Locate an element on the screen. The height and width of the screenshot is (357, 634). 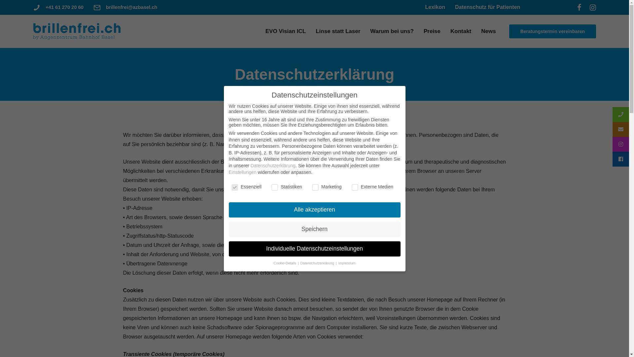
'Linse statt Laser' is located at coordinates (338, 31).